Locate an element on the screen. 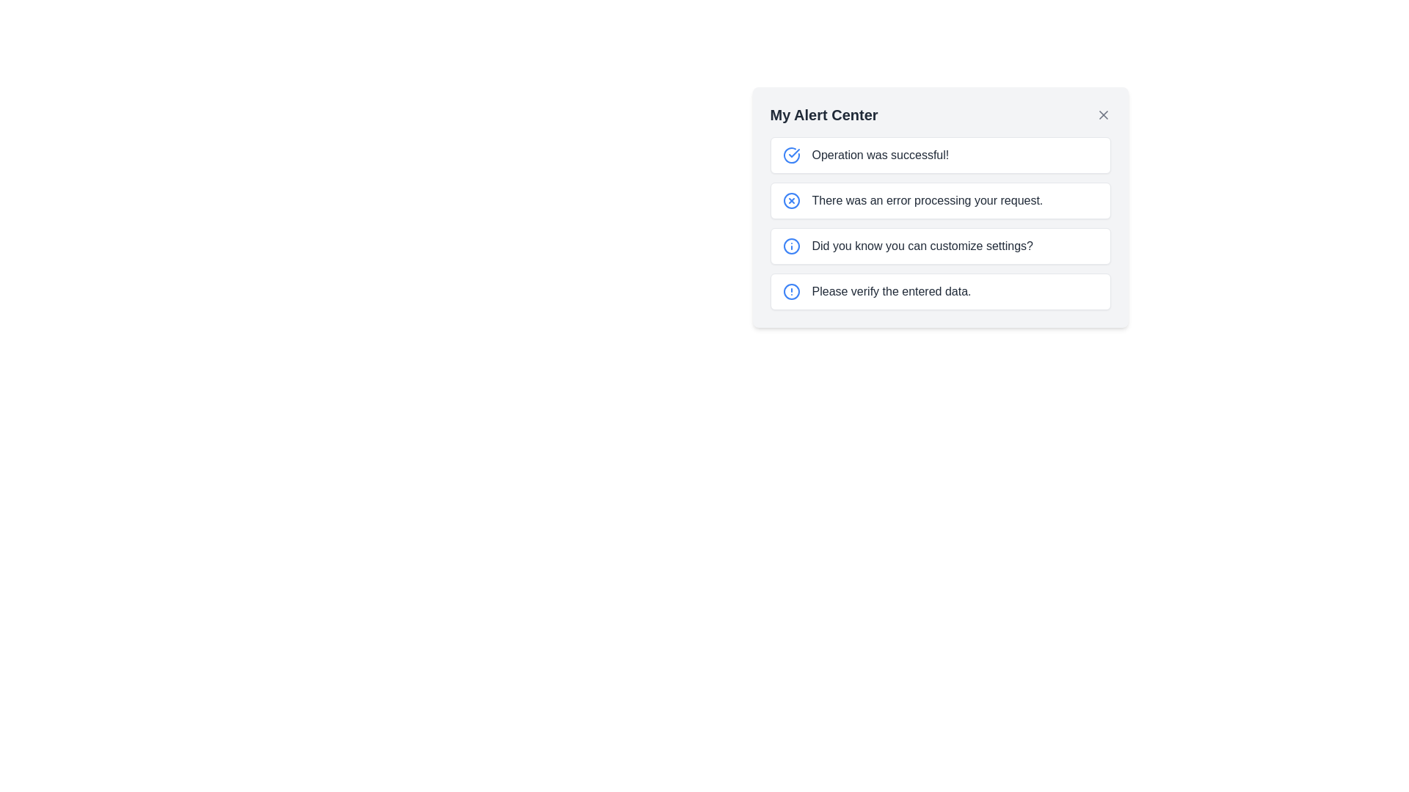 This screenshot has height=792, width=1409. the error icon located in the second row of the notification list within 'My Alert Center', positioned to the left of the notification message regarding the error processing is located at coordinates (790, 200).